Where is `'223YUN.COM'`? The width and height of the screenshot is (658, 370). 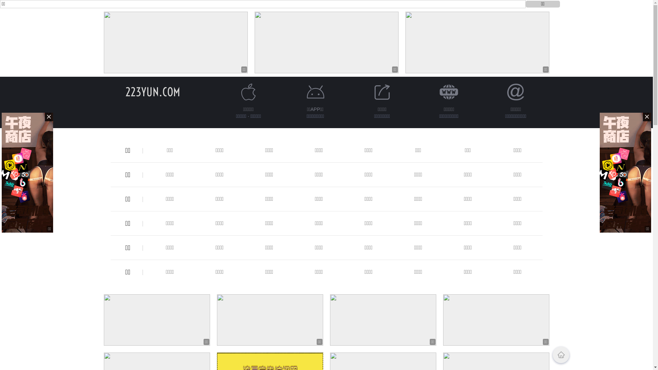
'223YUN.COM' is located at coordinates (125, 91).